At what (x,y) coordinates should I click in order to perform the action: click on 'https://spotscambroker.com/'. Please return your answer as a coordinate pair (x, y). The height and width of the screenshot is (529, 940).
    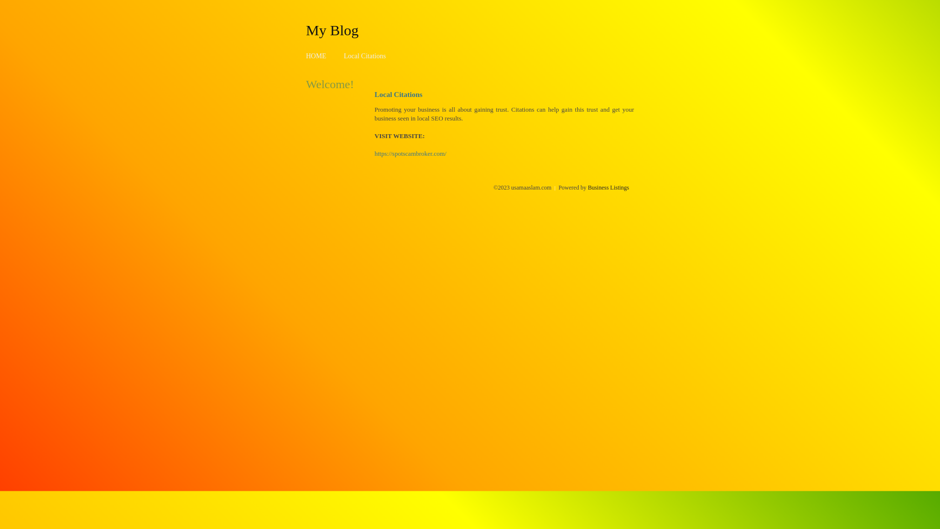
    Looking at the image, I should click on (374, 153).